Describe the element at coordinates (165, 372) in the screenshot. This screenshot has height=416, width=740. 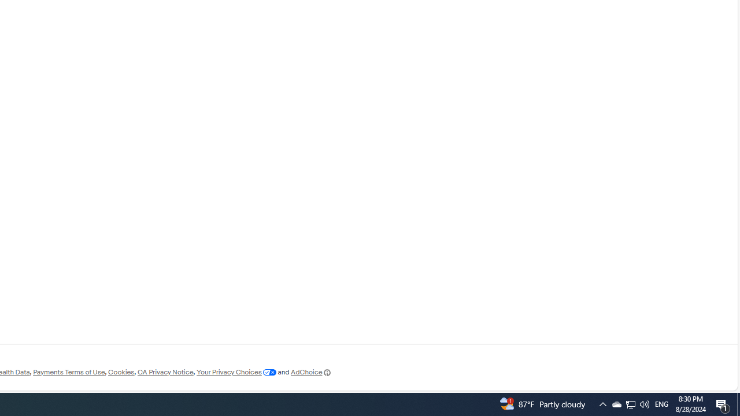
I see `'CA Privacy Notice'` at that location.